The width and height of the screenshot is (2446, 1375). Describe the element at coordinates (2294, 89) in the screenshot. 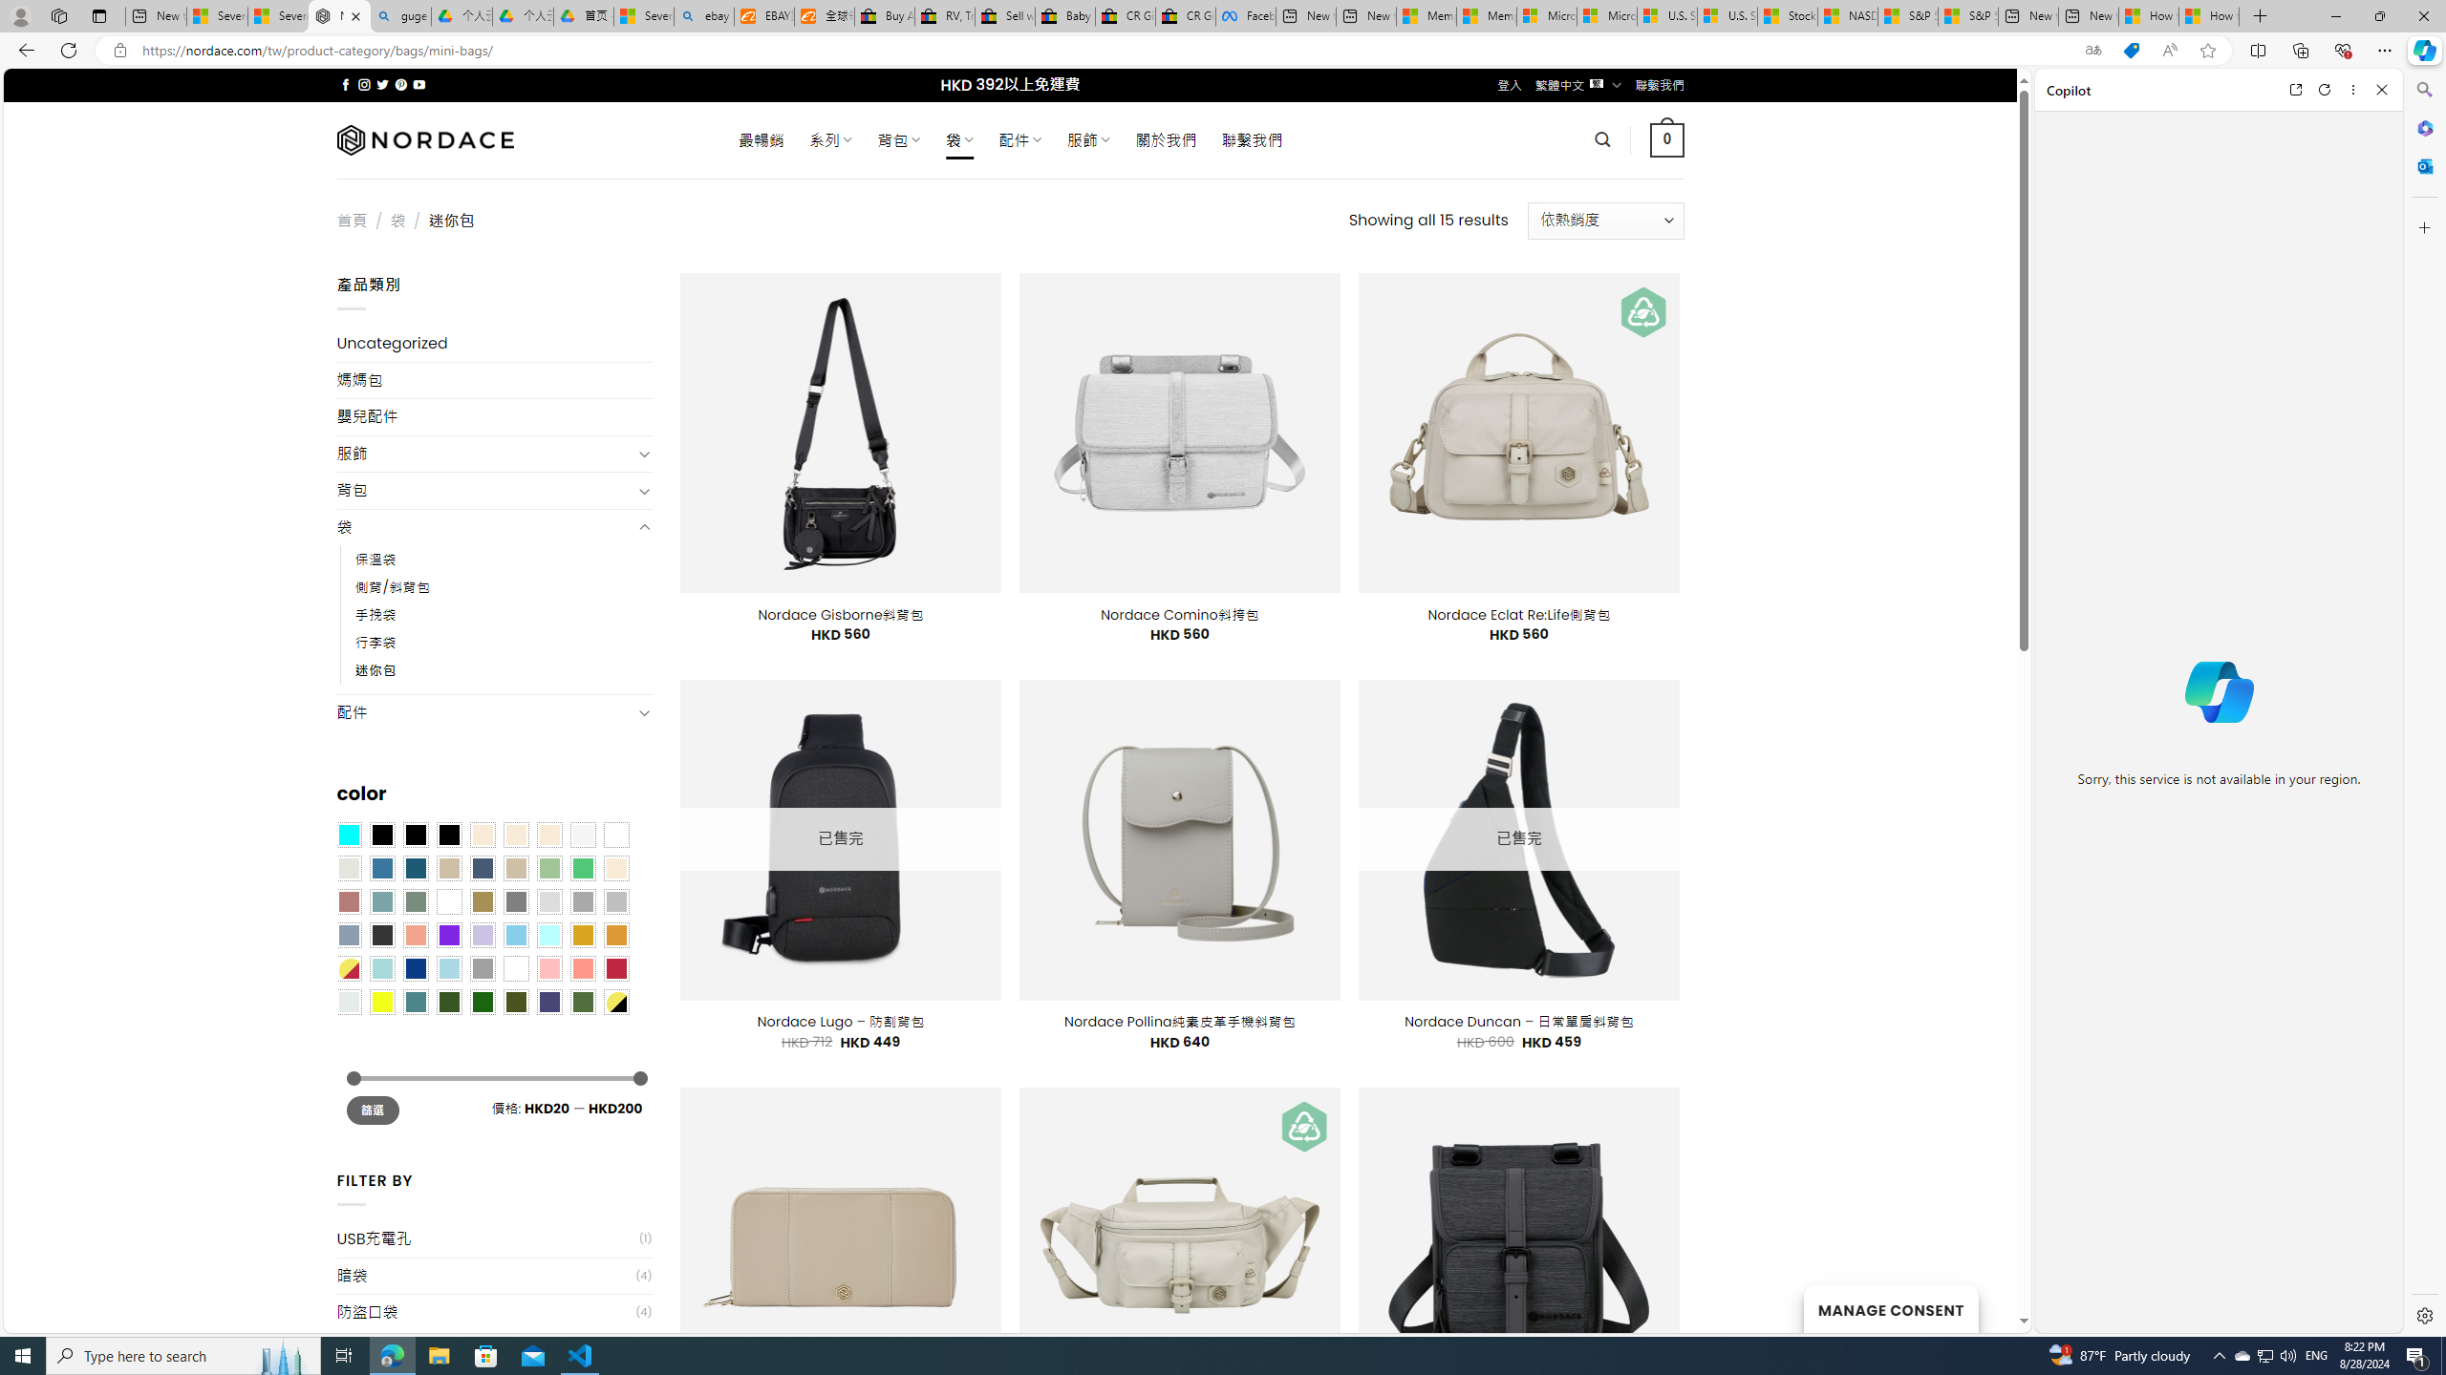

I see `'Open link in new tab'` at that location.